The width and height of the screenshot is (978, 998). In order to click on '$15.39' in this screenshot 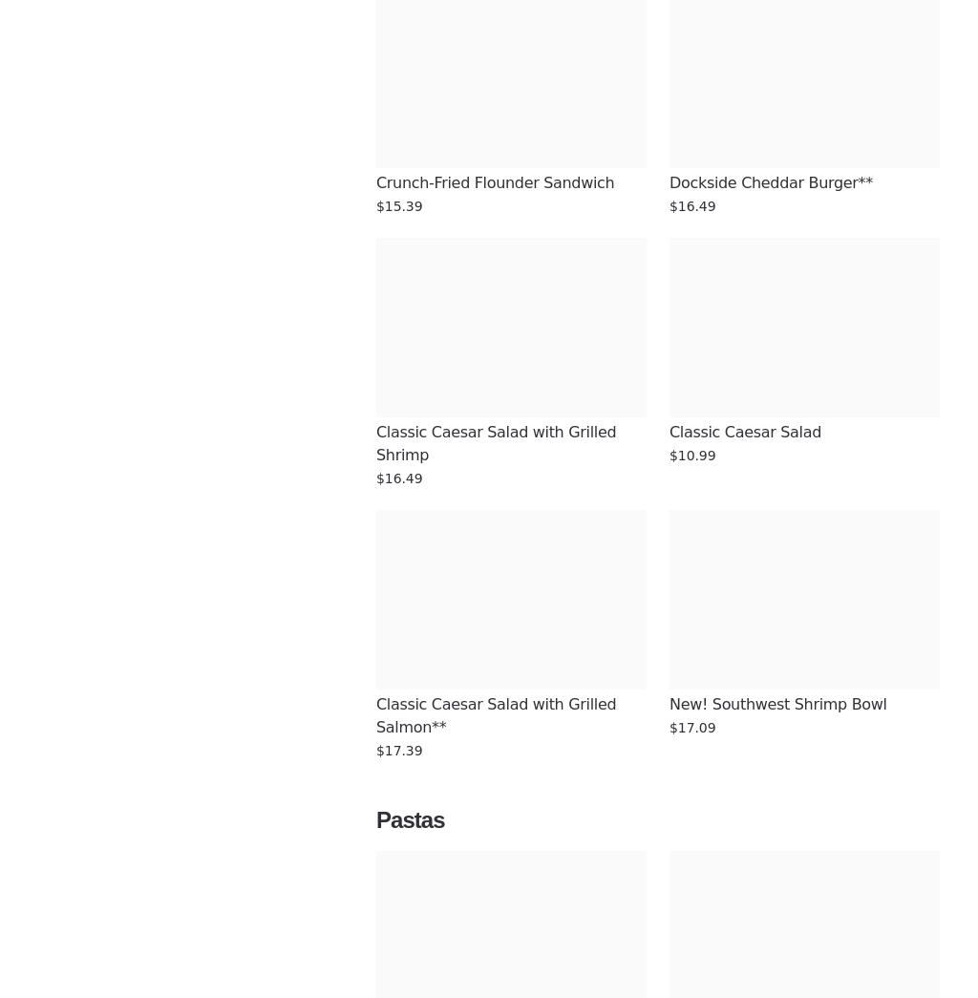, I will do `click(397, 206)`.